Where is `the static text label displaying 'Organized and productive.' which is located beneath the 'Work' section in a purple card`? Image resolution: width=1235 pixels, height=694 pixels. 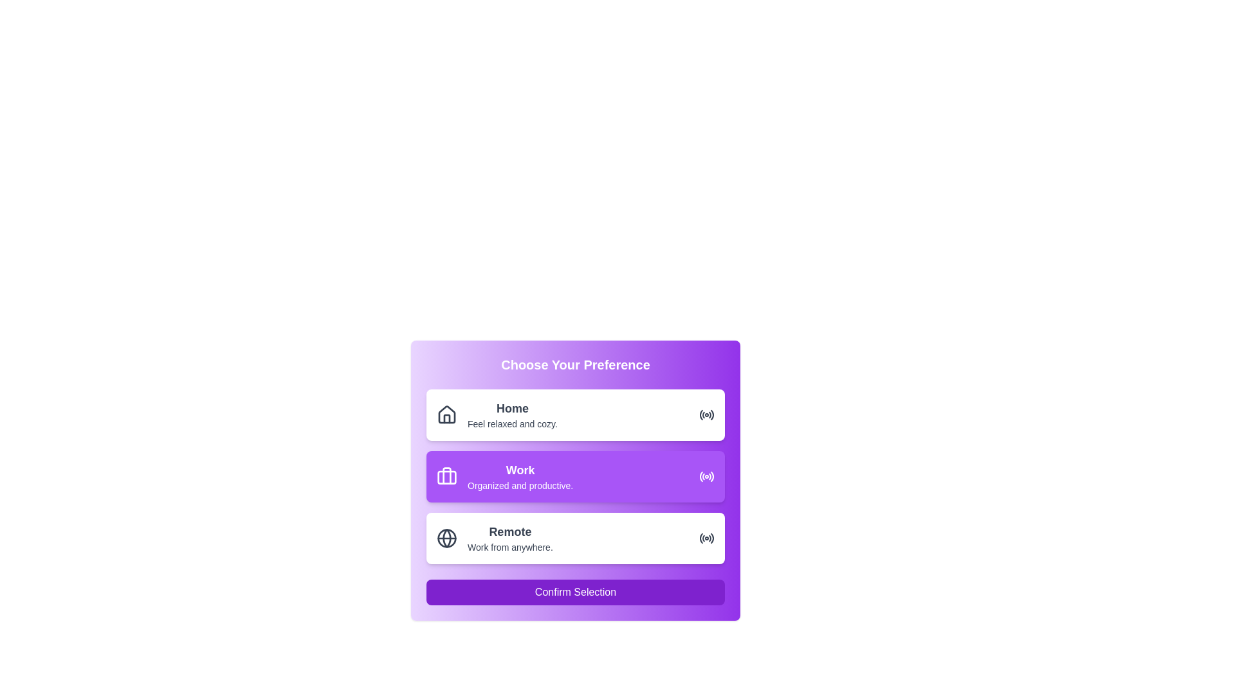
the static text label displaying 'Organized and productive.' which is located beneath the 'Work' section in a purple card is located at coordinates (520, 486).